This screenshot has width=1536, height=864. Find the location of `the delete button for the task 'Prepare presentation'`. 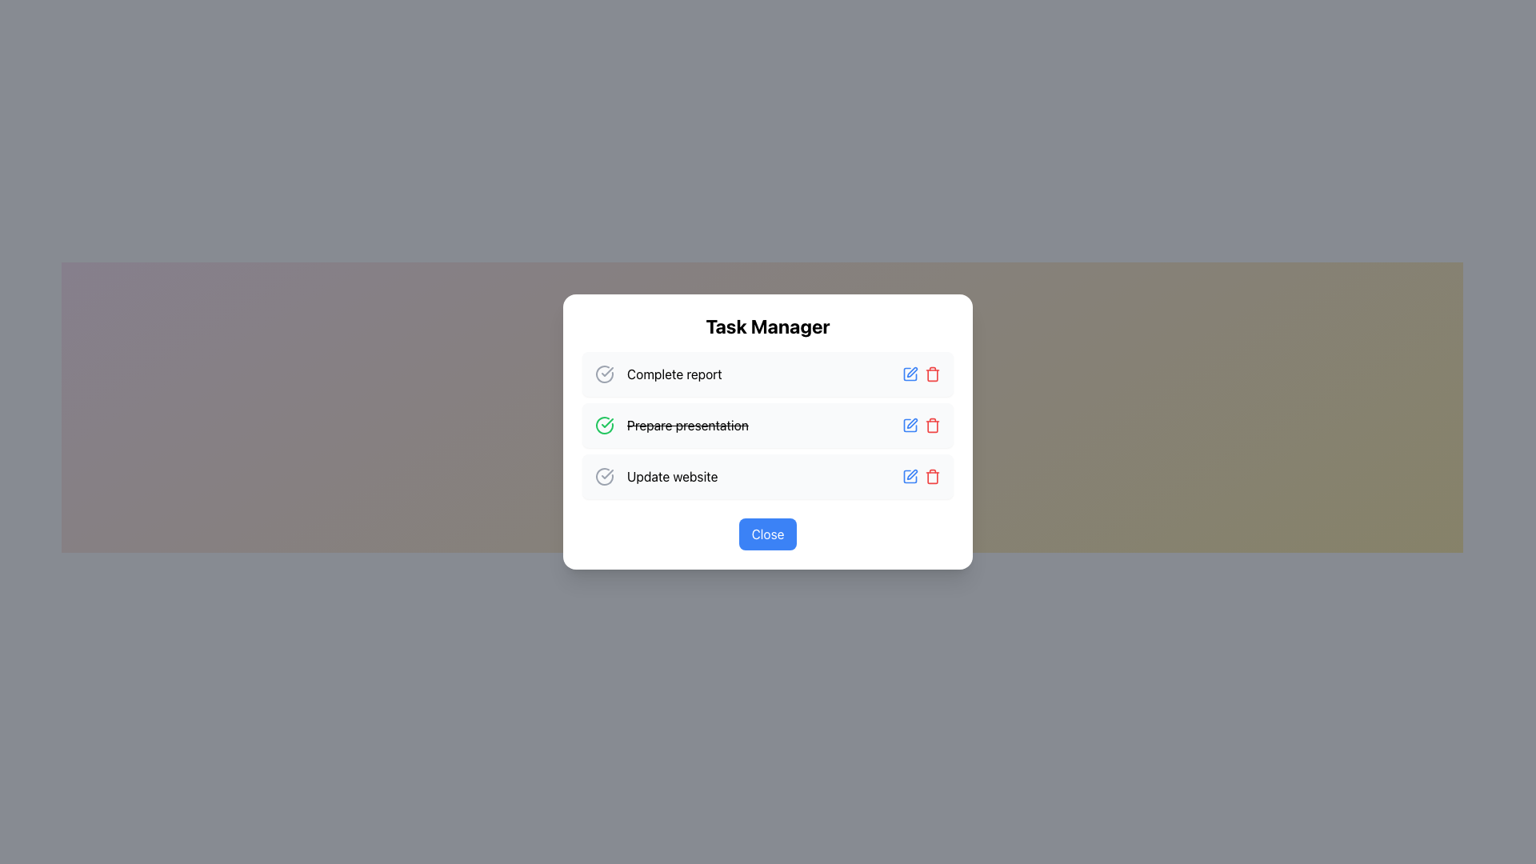

the delete button for the task 'Prepare presentation' is located at coordinates (933, 425).